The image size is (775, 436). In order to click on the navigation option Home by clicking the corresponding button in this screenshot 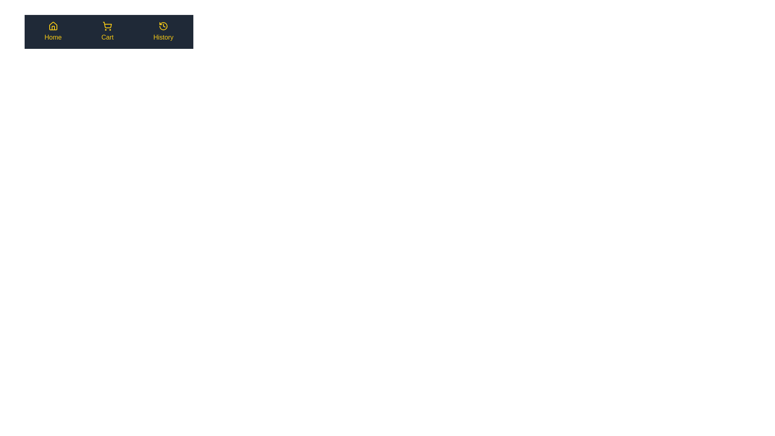, I will do `click(52, 31)`.